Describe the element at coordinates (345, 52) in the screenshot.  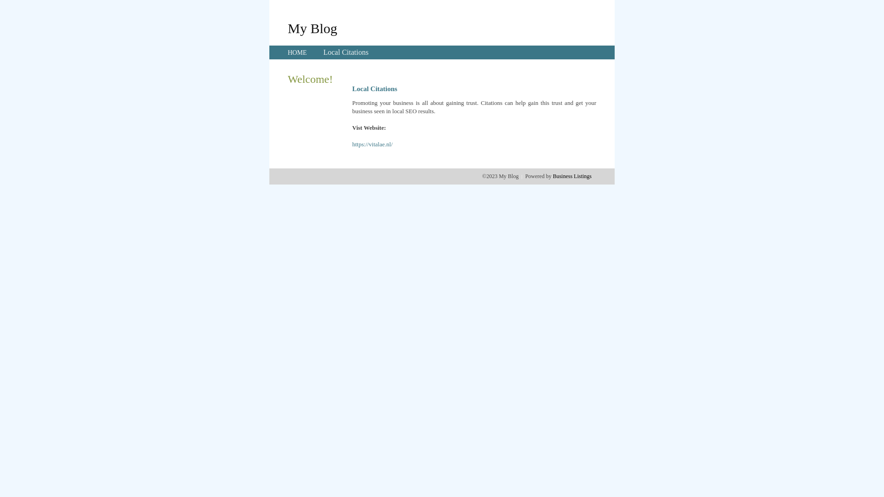
I see `'Local Citations'` at that location.